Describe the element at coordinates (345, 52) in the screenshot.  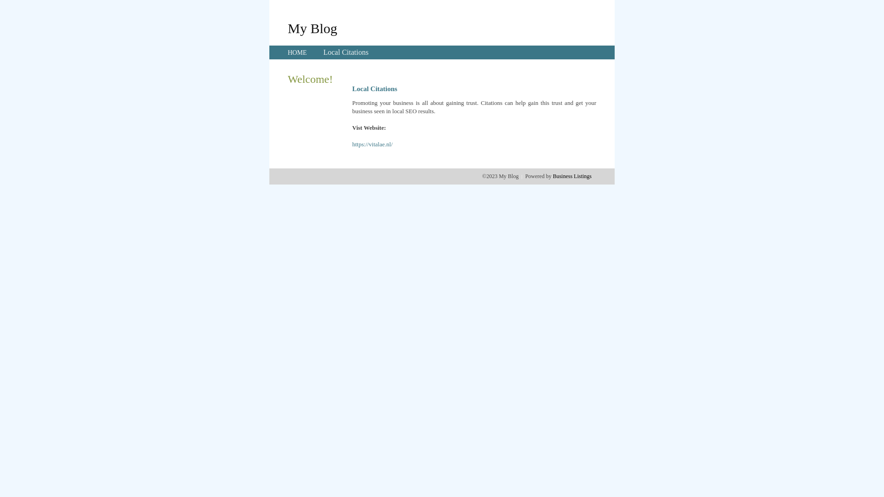
I see `'Local Citations'` at that location.